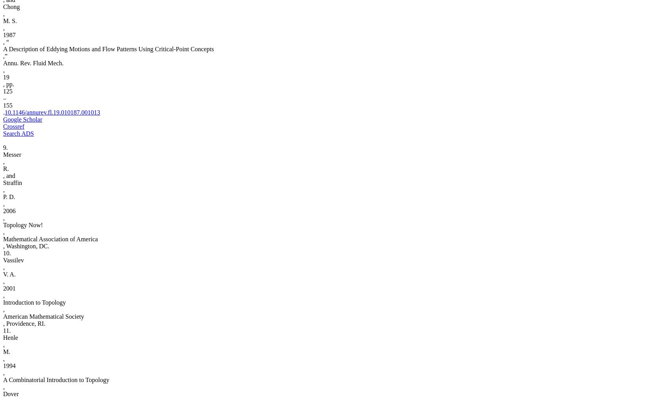 The width and height of the screenshot is (648, 402). What do you see at coordinates (5, 169) in the screenshot?
I see `'R.'` at bounding box center [5, 169].